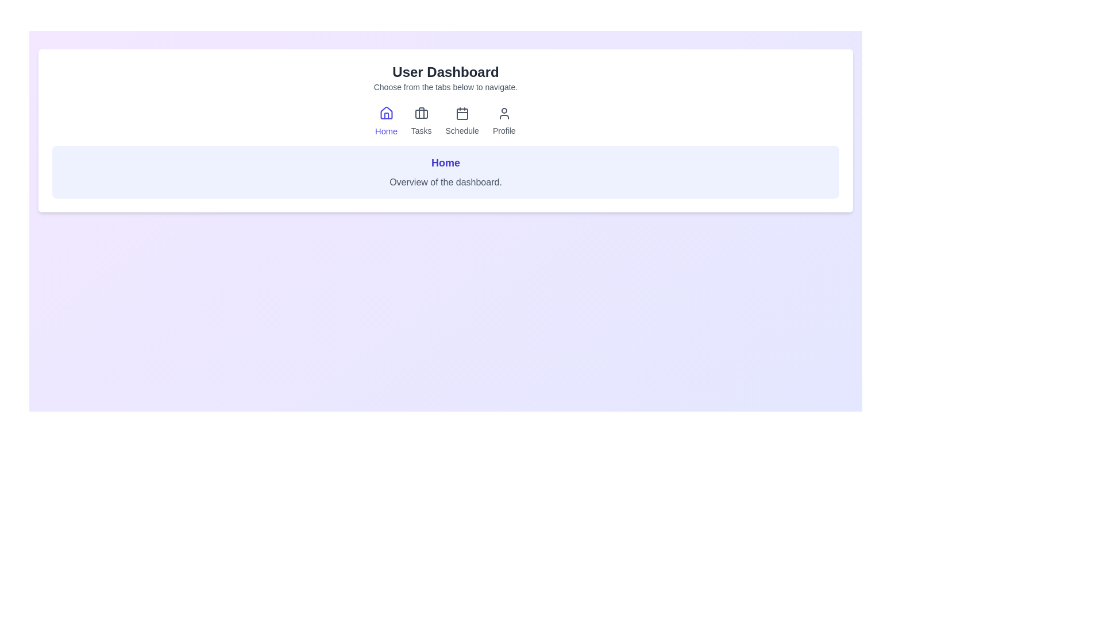  Describe the element at coordinates (421, 130) in the screenshot. I see `the 'Tasks' text label in the navigation bar, which is styled in gray and positioned below the suitcase icon, to potentially reveal additional information` at that location.